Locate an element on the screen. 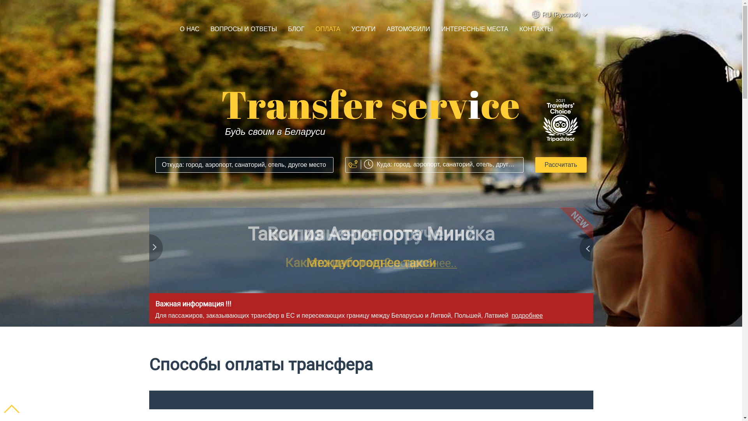  'Previous' is located at coordinates (156, 249).